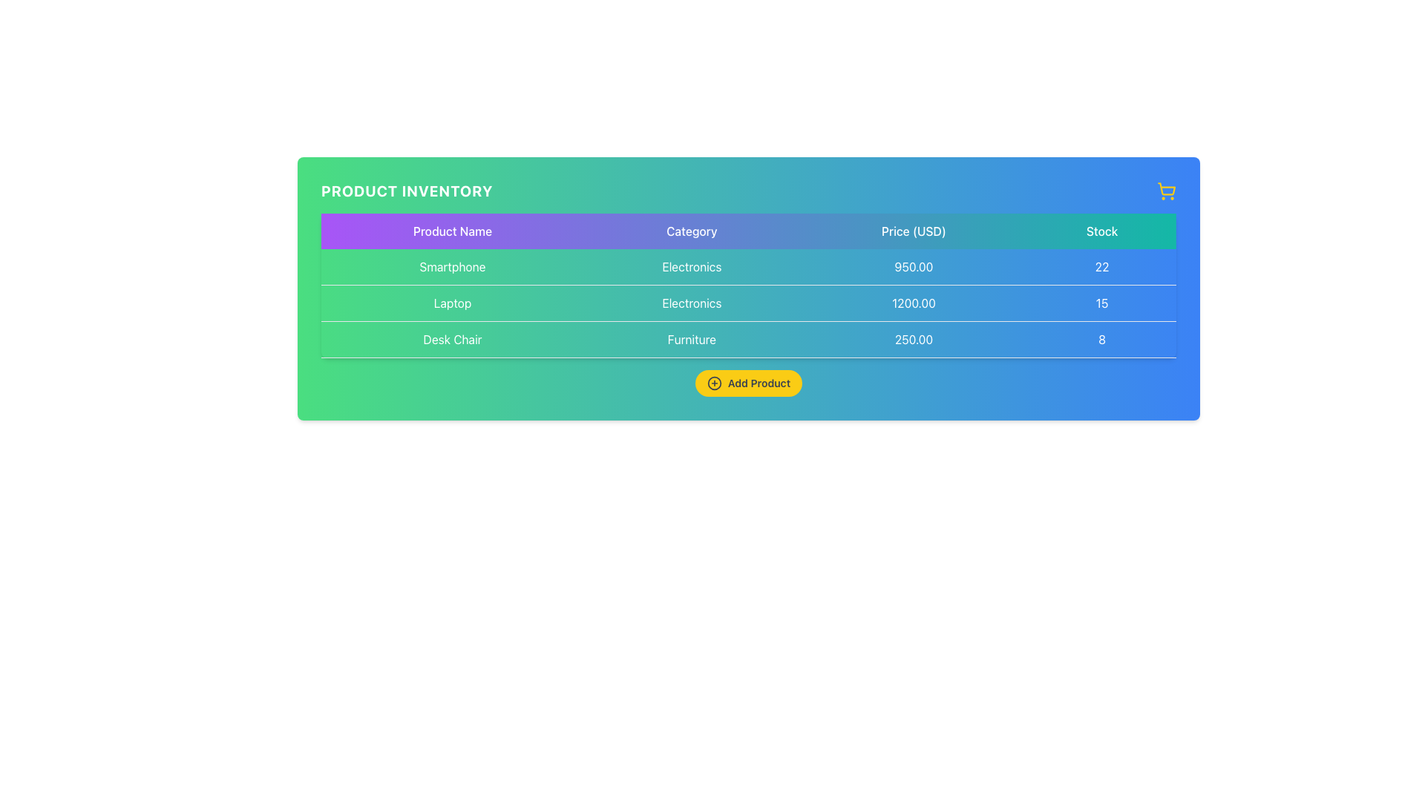 This screenshot has height=801, width=1425. What do you see at coordinates (691, 340) in the screenshot?
I see `the static text label displaying 'Furniture', which is the second cell in the row labeled 'Desk Chair' within the 'Category' column of the table` at bounding box center [691, 340].